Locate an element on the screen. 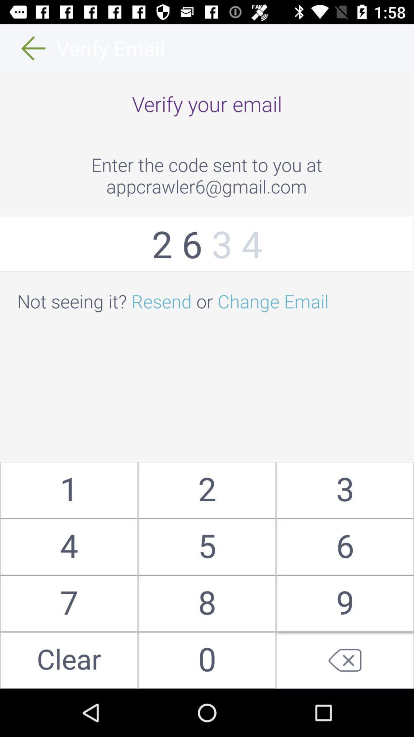  erase 1 digit is located at coordinates (344, 660).